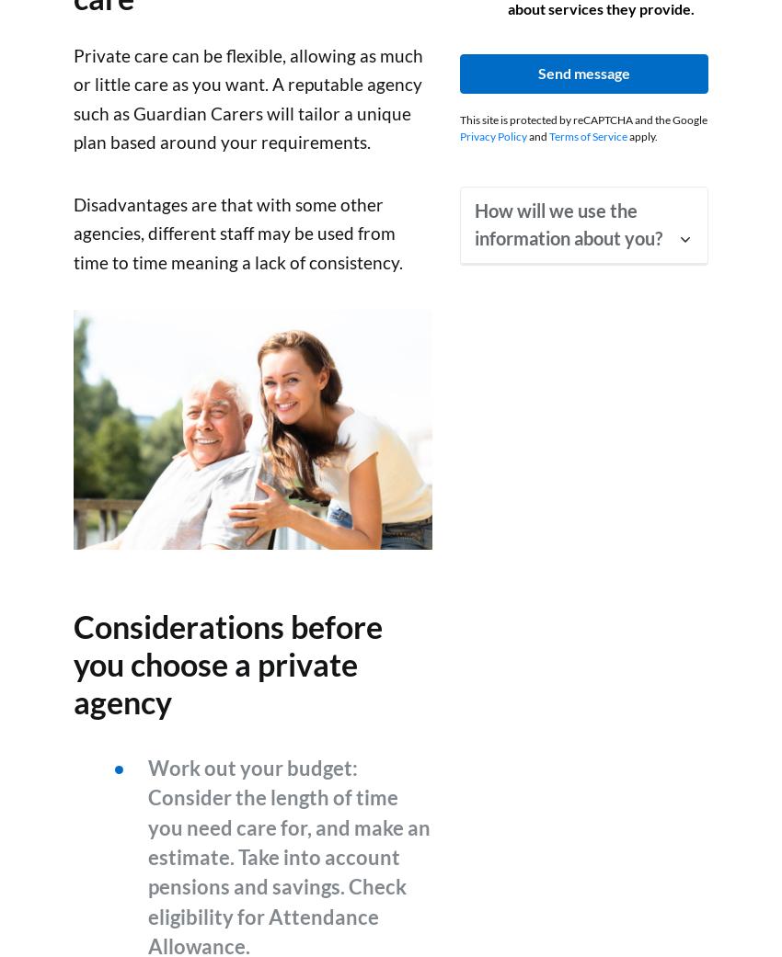 This screenshot has width=782, height=957. What do you see at coordinates (568, 222) in the screenshot?
I see `'How will we use the information about you?'` at bounding box center [568, 222].